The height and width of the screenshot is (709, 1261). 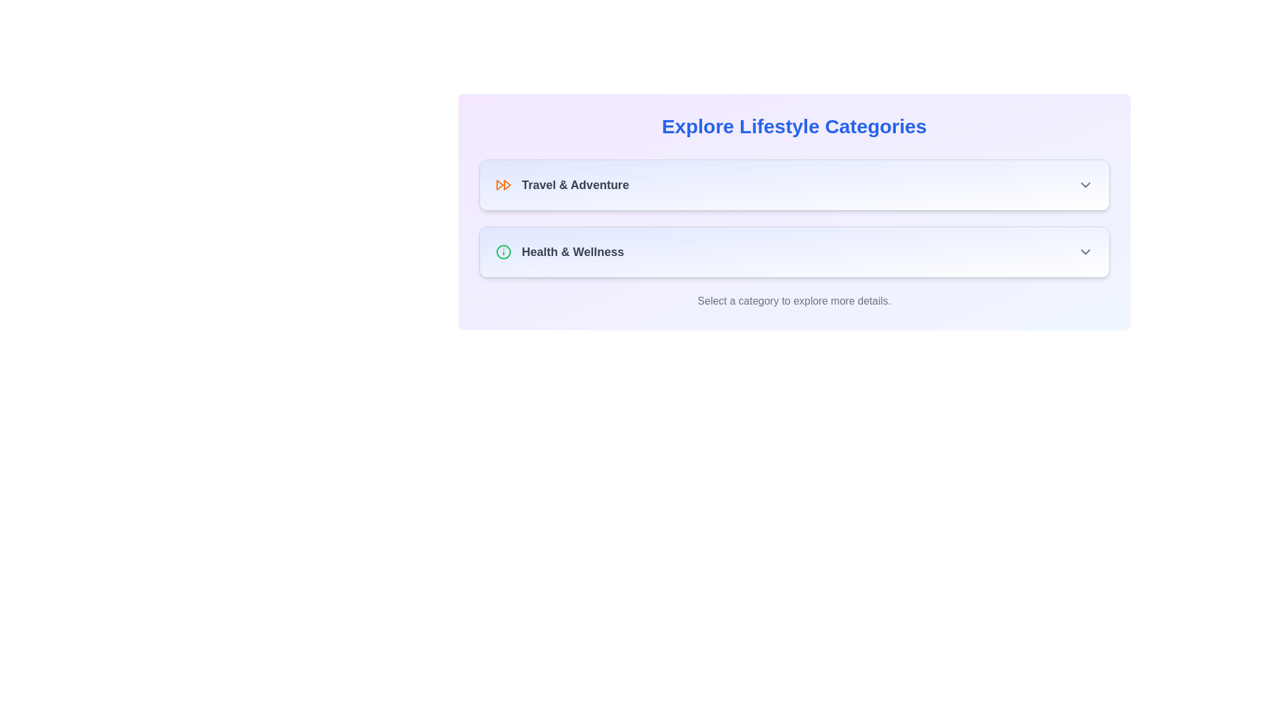 What do you see at coordinates (562, 184) in the screenshot?
I see `the 'Travel & Adventure' text with the double right-facing orange arrows` at bounding box center [562, 184].